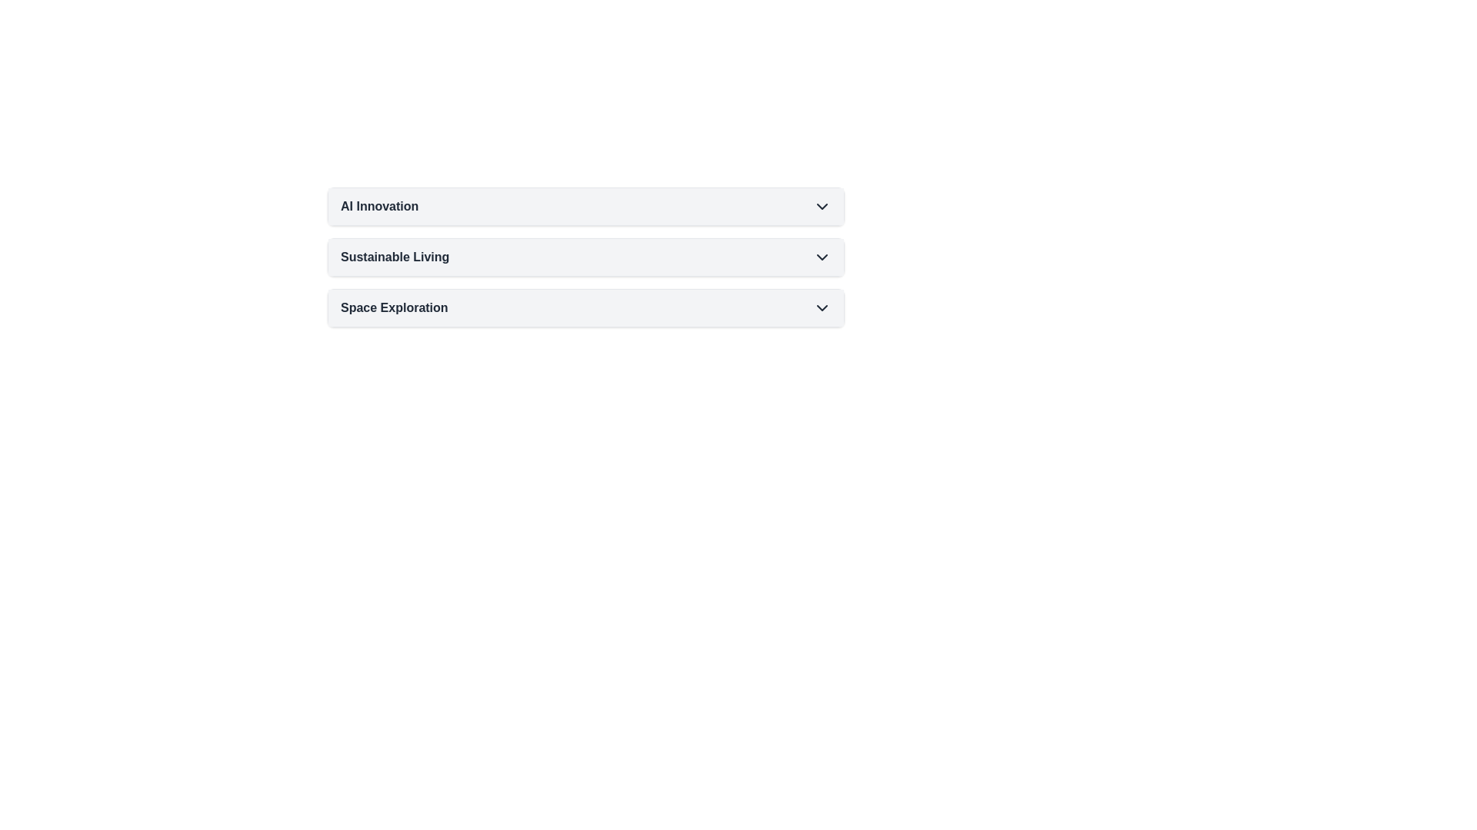  Describe the element at coordinates (585, 206) in the screenshot. I see `the Collapsible button located at the top of the vertically stacked group, which is used` at that location.